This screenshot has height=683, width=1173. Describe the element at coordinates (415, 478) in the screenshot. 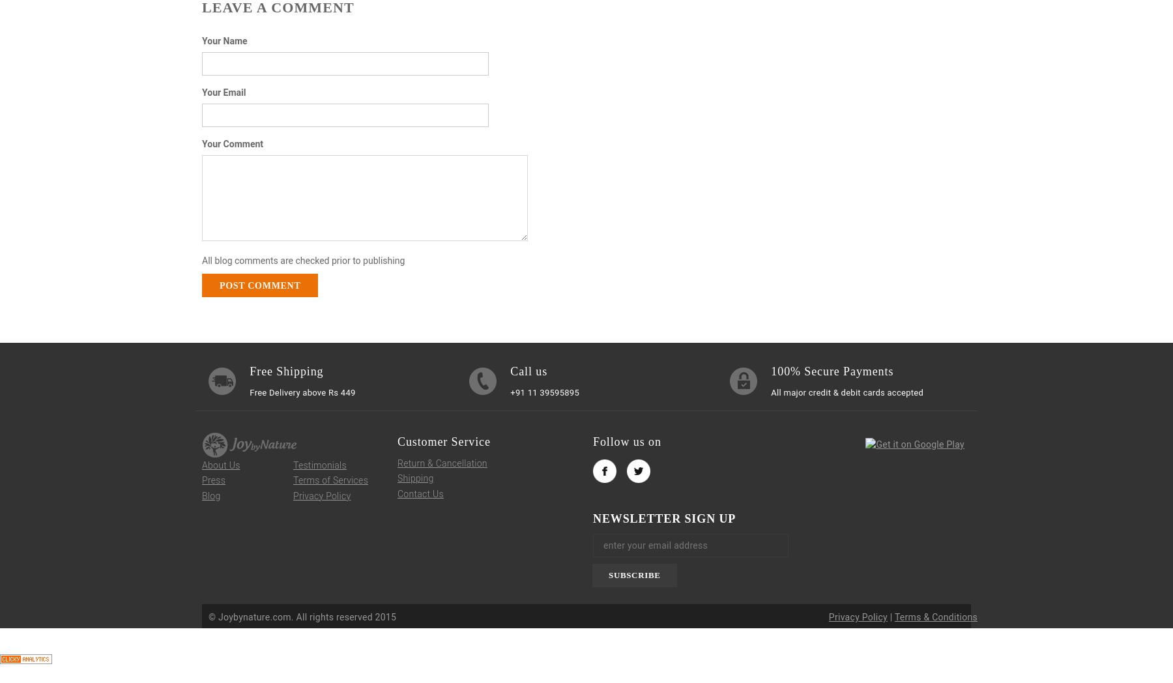

I see `'Shipping'` at that location.